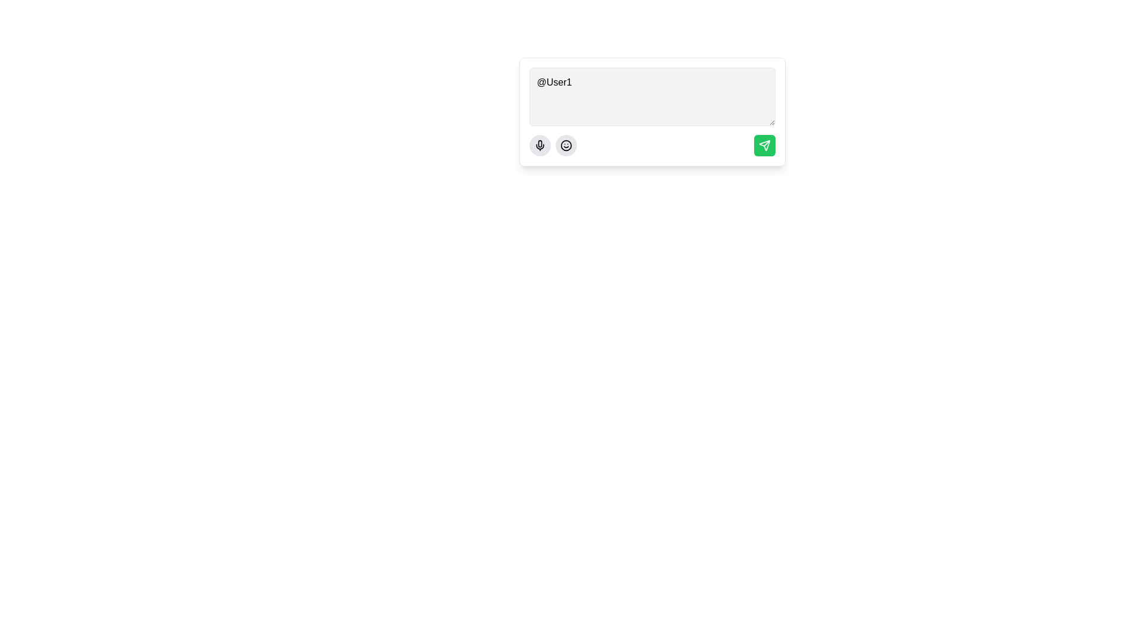 This screenshot has height=642, width=1141. Describe the element at coordinates (764, 145) in the screenshot. I see `the send icon located inside the green rounded rectangular button at the bottom-right corner of the interface` at that location.